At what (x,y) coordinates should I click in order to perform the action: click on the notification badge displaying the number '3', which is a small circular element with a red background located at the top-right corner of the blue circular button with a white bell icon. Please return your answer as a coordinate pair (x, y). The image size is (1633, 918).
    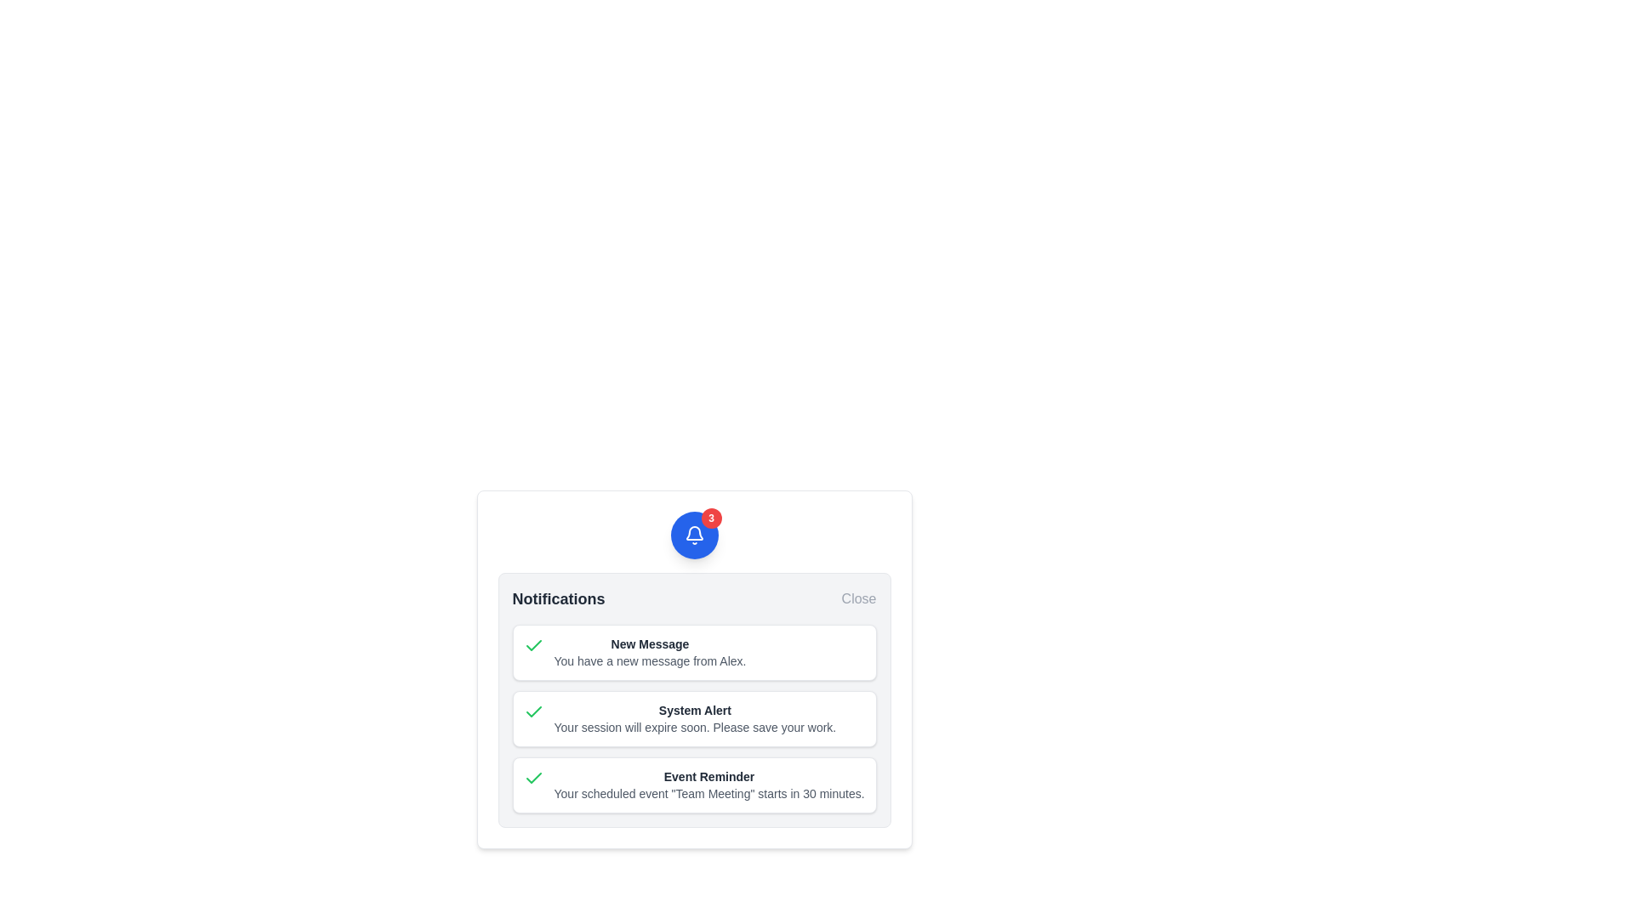
    Looking at the image, I should click on (711, 517).